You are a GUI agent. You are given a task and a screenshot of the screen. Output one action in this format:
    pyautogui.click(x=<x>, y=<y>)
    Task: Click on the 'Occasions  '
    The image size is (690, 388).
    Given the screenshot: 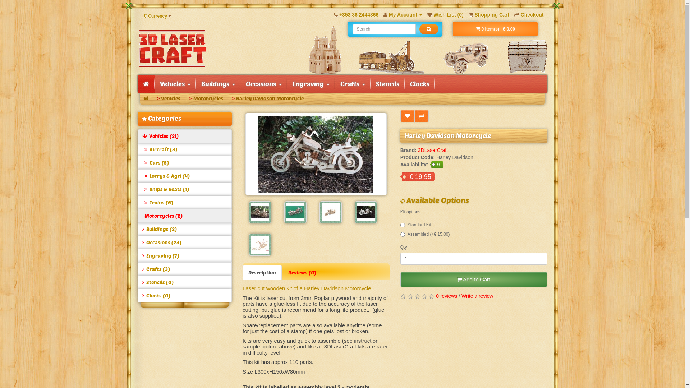 What is the action you would take?
    pyautogui.click(x=263, y=83)
    